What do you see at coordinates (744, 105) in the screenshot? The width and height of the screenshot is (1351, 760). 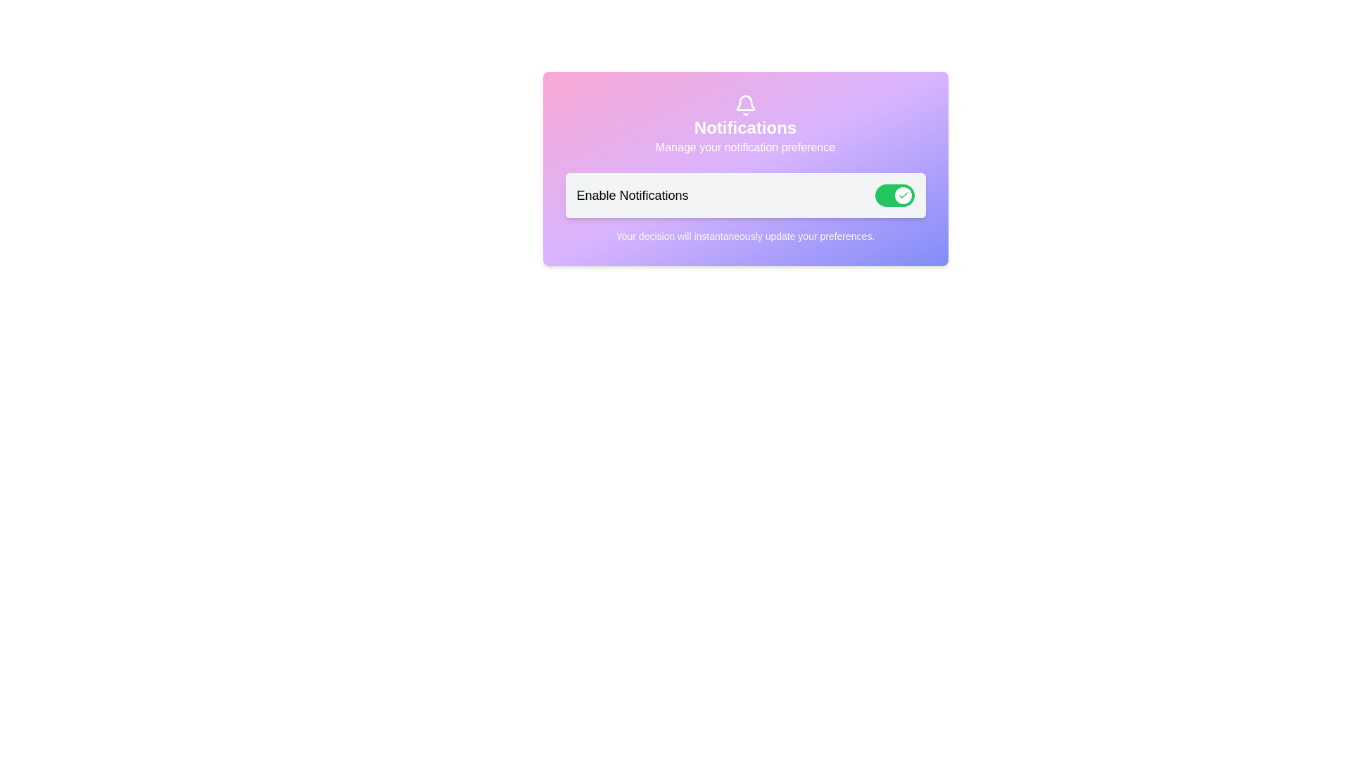 I see `the bell icon, which is a minimalistic design outlined in white against a purple-pink gradient background, located at the top center of the notification settings panel` at bounding box center [744, 105].